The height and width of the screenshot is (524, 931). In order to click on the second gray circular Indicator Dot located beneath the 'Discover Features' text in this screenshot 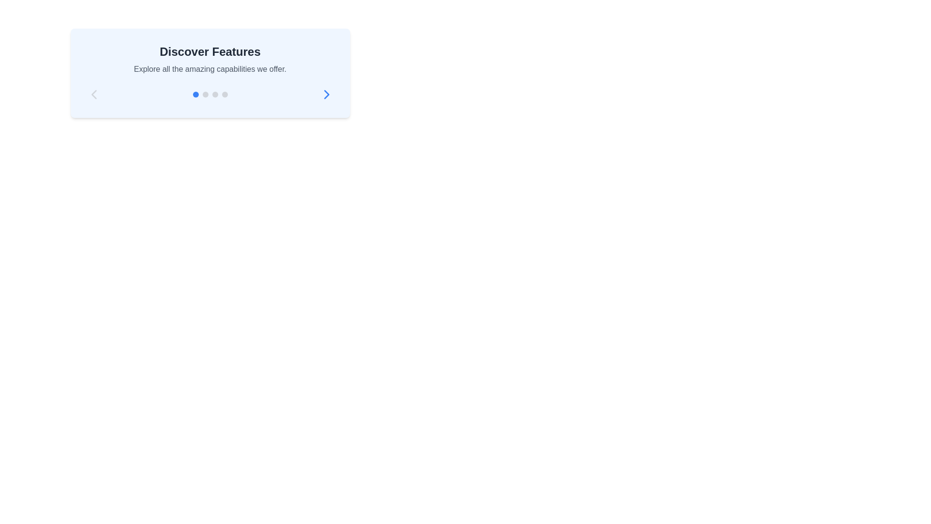, I will do `click(205, 95)`.